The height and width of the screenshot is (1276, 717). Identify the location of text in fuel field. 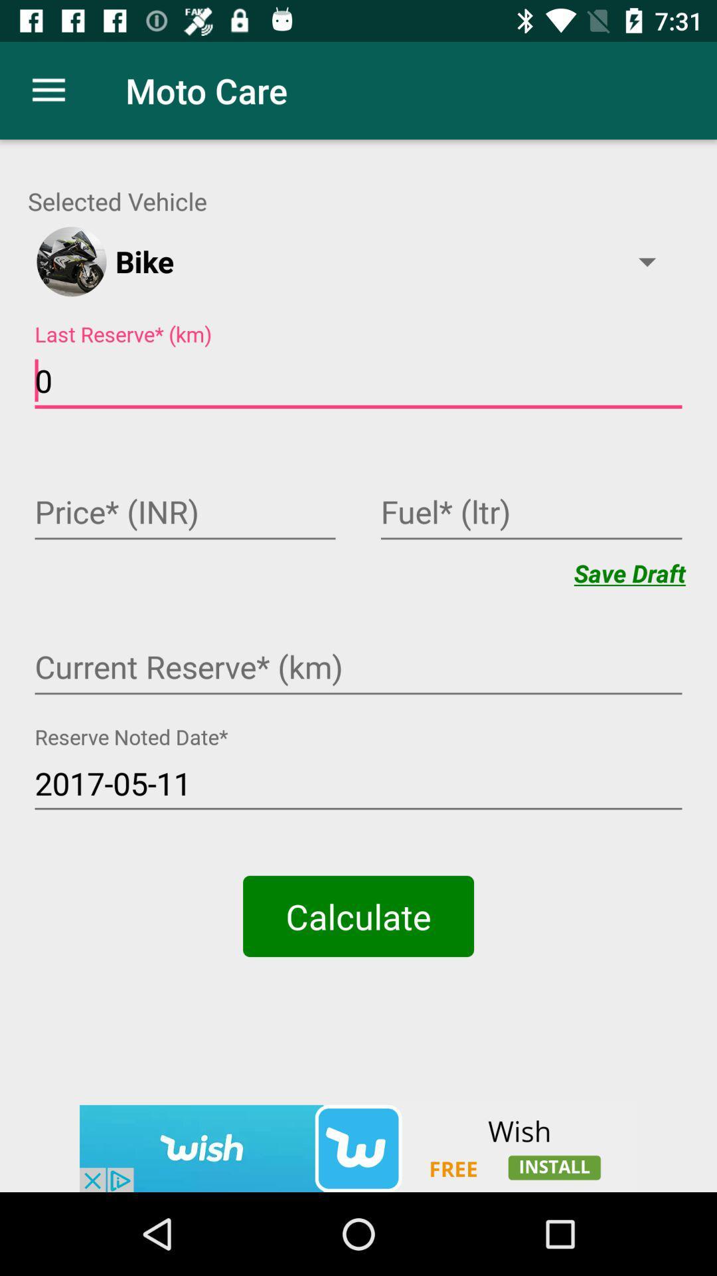
(530, 513).